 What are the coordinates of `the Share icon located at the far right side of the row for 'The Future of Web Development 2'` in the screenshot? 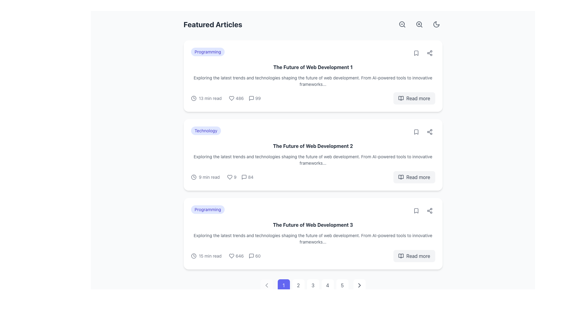 It's located at (429, 132).